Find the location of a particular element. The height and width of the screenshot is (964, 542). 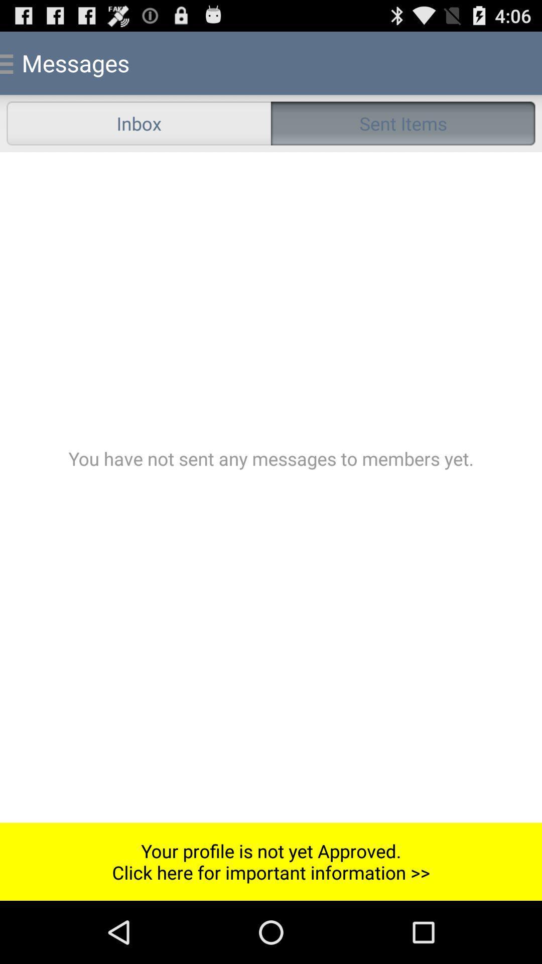

inbox item is located at coordinates (139, 123).